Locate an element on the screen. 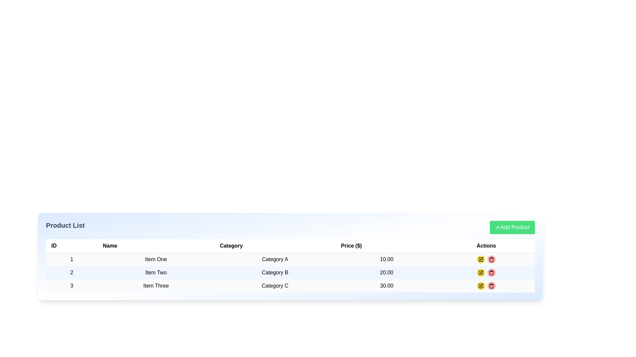 This screenshot has height=357, width=636. the circular yellow button with a pen icon, located in the first row of the 'Actions' column of the table is located at coordinates (481, 259).